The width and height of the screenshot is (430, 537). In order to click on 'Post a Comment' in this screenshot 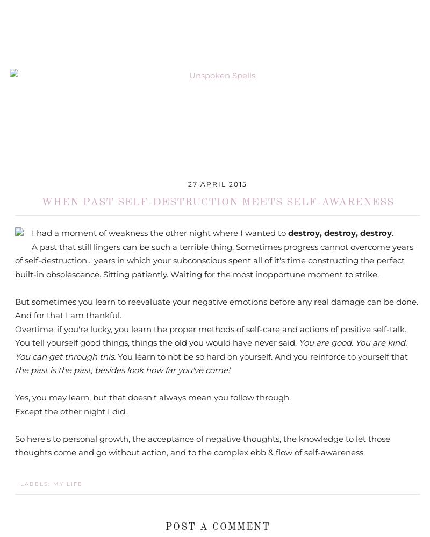, I will do `click(217, 526)`.